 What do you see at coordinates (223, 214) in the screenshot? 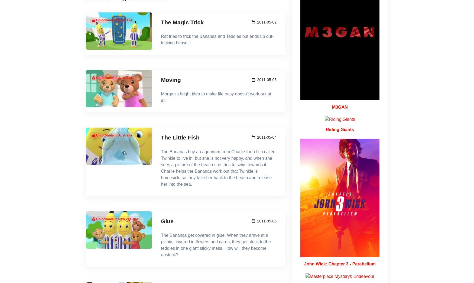
I see `'This page may include affiliate links, and we may earn a commission (at no cost to you) if you use them to make a purchase. These proceeds help fund this website.'` at bounding box center [223, 214].